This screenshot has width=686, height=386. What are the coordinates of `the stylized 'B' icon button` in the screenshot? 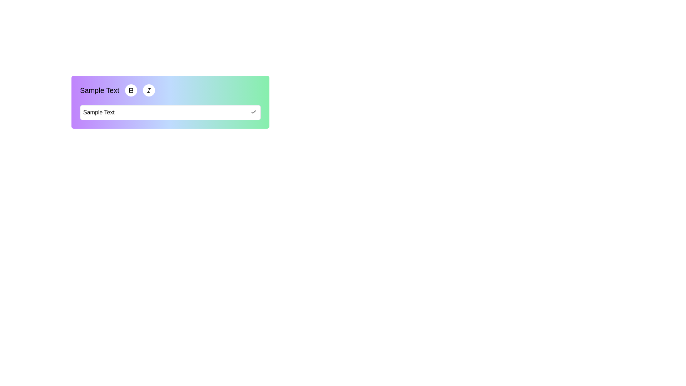 It's located at (131, 90).